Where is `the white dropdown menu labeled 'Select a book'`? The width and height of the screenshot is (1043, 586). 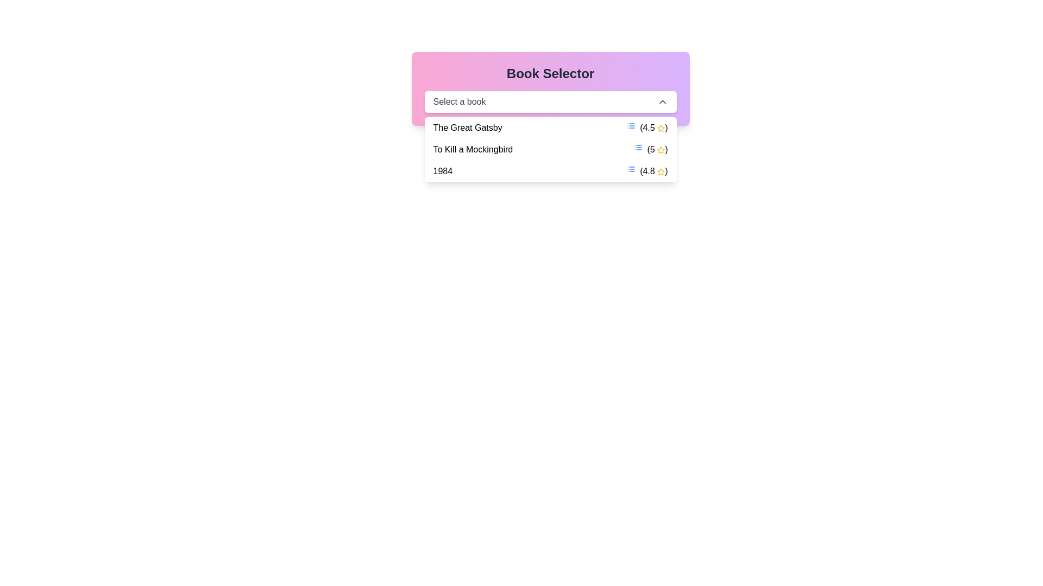
the white dropdown menu labeled 'Select a book' is located at coordinates (550, 102).